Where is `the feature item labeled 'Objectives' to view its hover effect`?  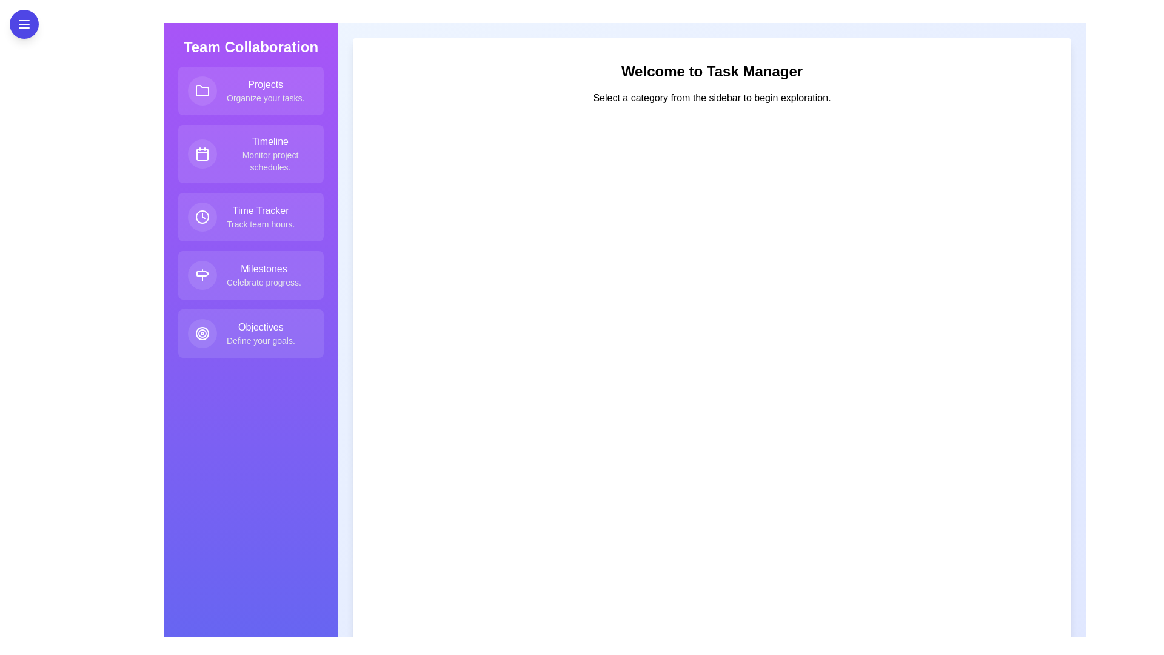 the feature item labeled 'Objectives' to view its hover effect is located at coordinates (250, 334).